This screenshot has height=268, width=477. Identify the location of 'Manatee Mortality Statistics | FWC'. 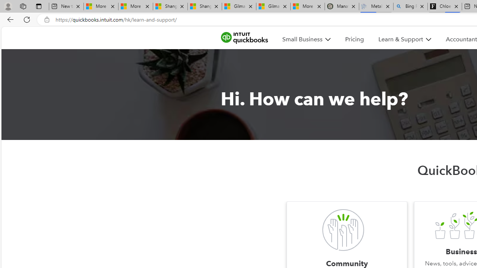
(341, 6).